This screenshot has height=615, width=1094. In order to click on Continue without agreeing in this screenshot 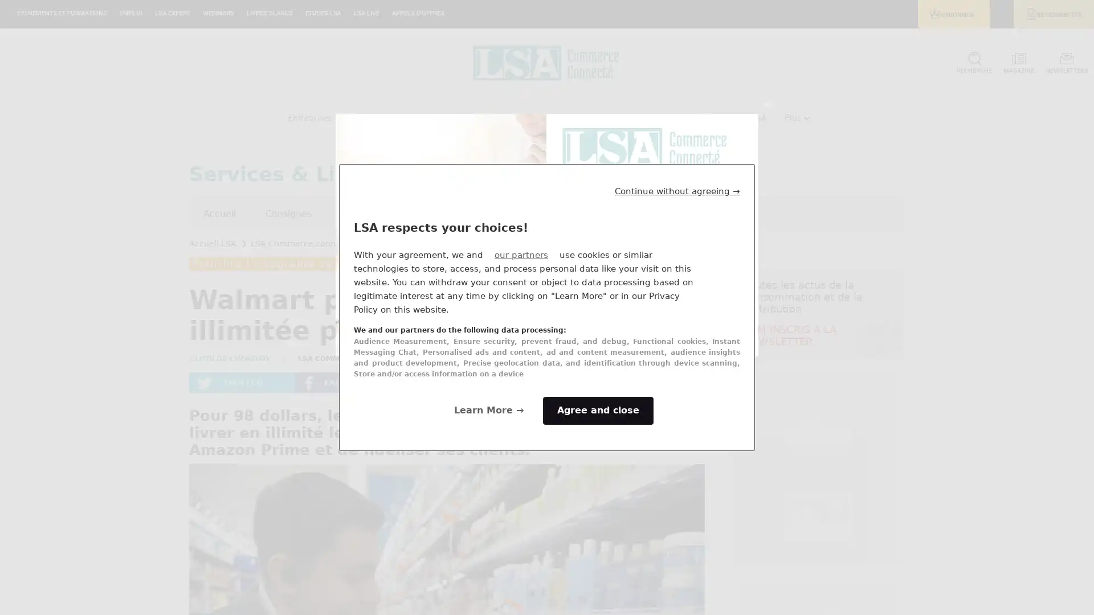, I will do `click(677, 190)`.